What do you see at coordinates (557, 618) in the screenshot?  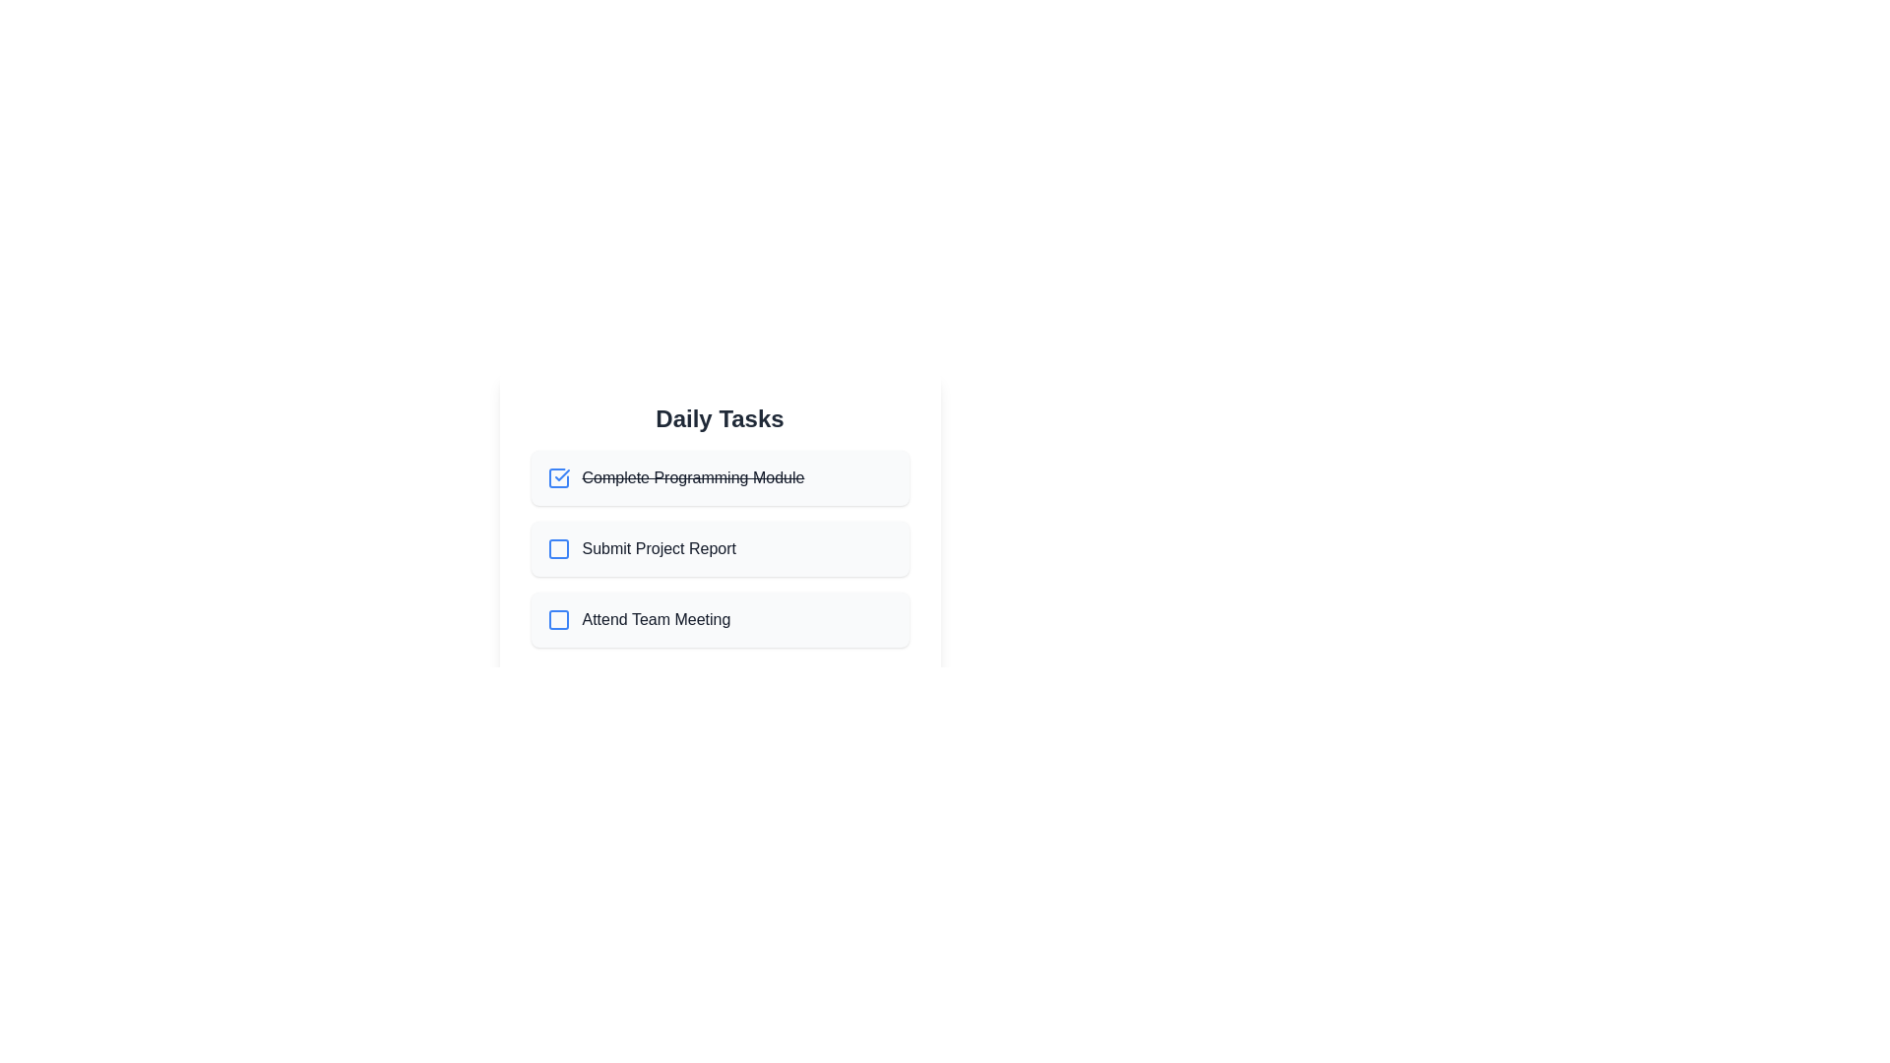 I see `the status icon representing 'Attend Team Meeting'` at bounding box center [557, 618].